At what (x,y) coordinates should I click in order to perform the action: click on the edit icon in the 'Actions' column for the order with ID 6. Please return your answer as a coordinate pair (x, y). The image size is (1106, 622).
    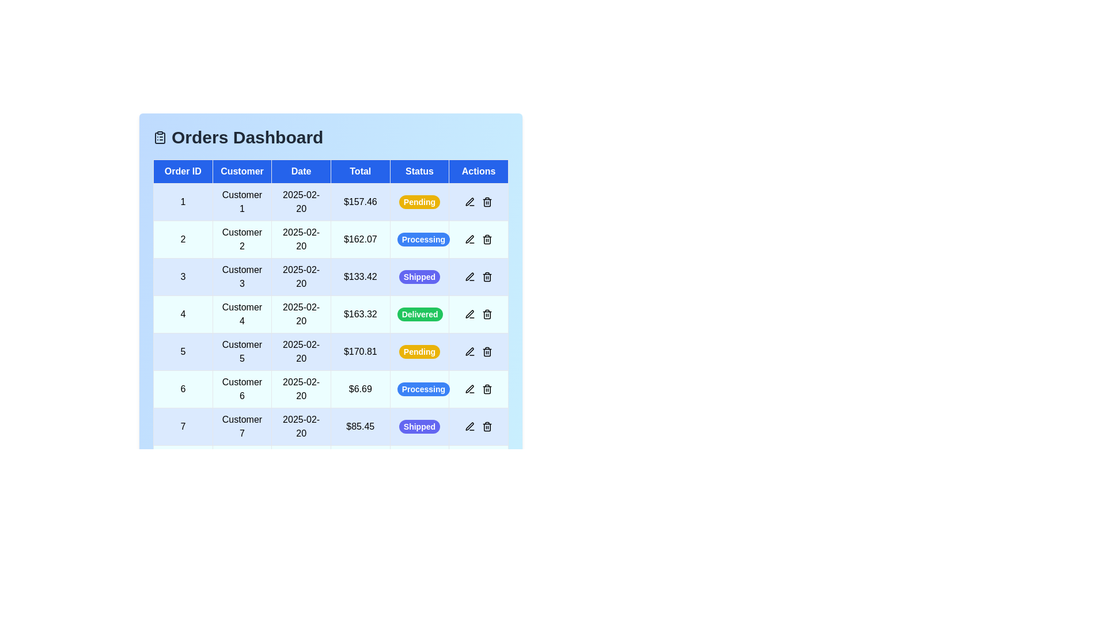
    Looking at the image, I should click on (470, 389).